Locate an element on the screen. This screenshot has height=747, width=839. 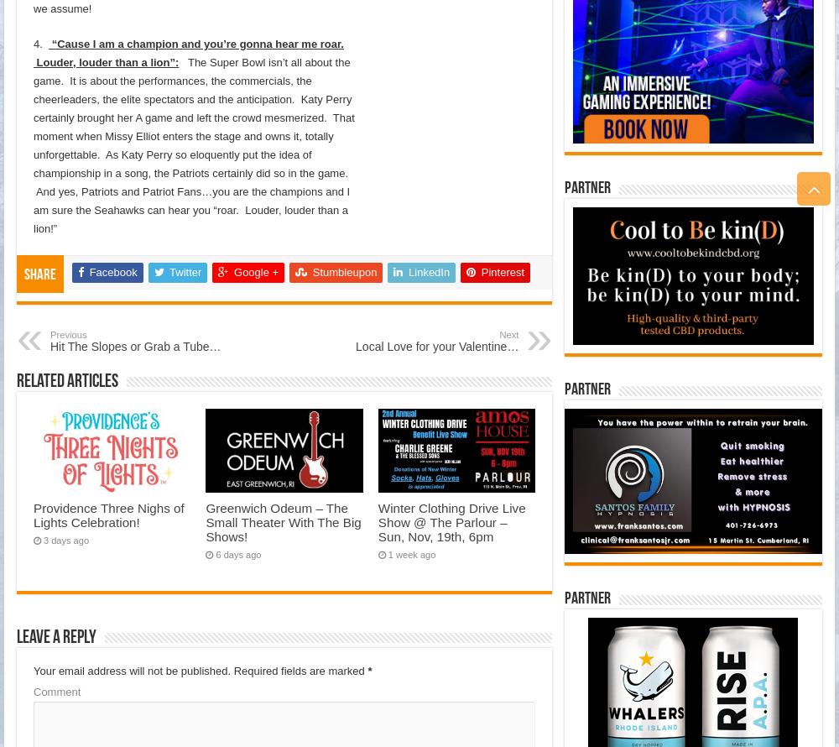
'6 days ago' is located at coordinates (238, 554).